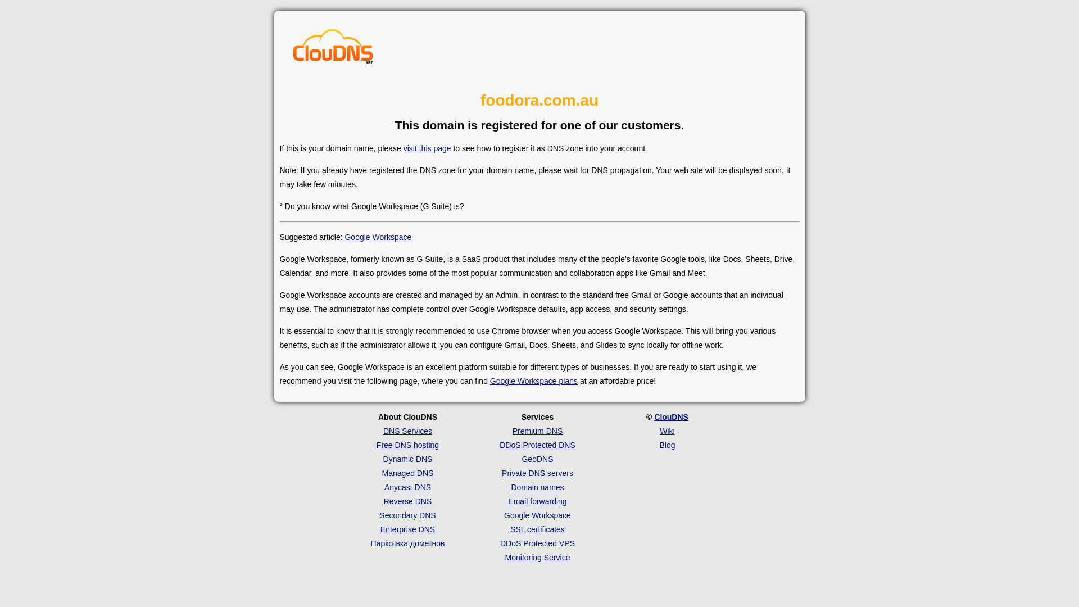 This screenshot has width=1079, height=607. I want to click on 'Dynamic DNS', so click(407, 459).